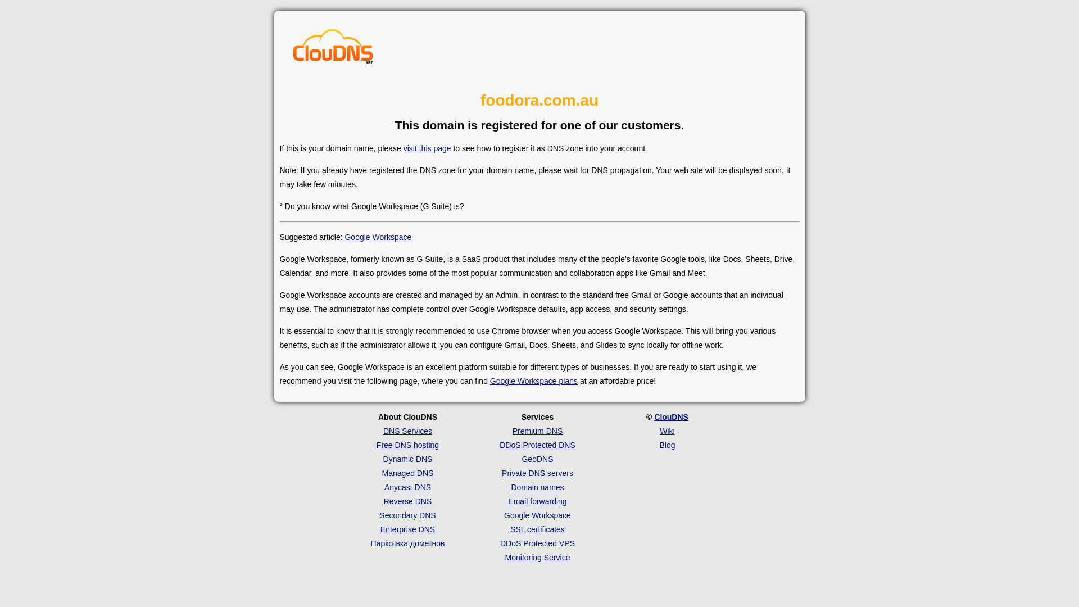 This screenshot has width=1079, height=607. I want to click on 'Dynamic DNS', so click(407, 459).